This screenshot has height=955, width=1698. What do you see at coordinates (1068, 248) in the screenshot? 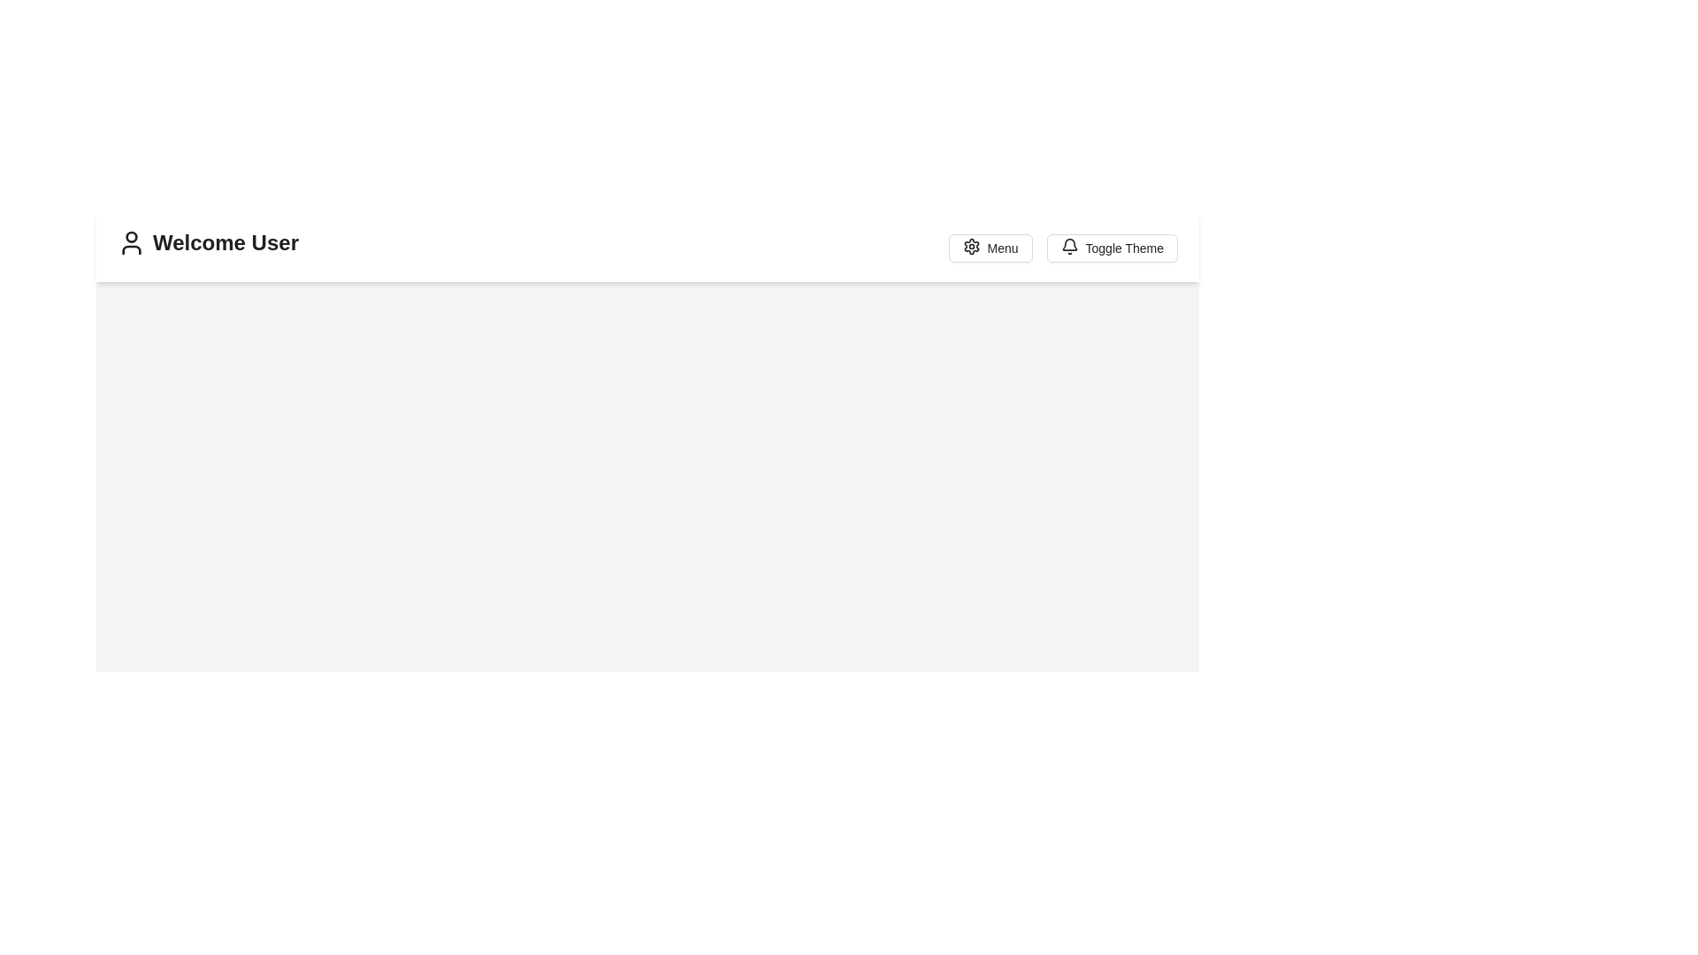
I see `the notification icon within the 'Toggle Theme' button located in the top-right section of the interface` at bounding box center [1068, 248].